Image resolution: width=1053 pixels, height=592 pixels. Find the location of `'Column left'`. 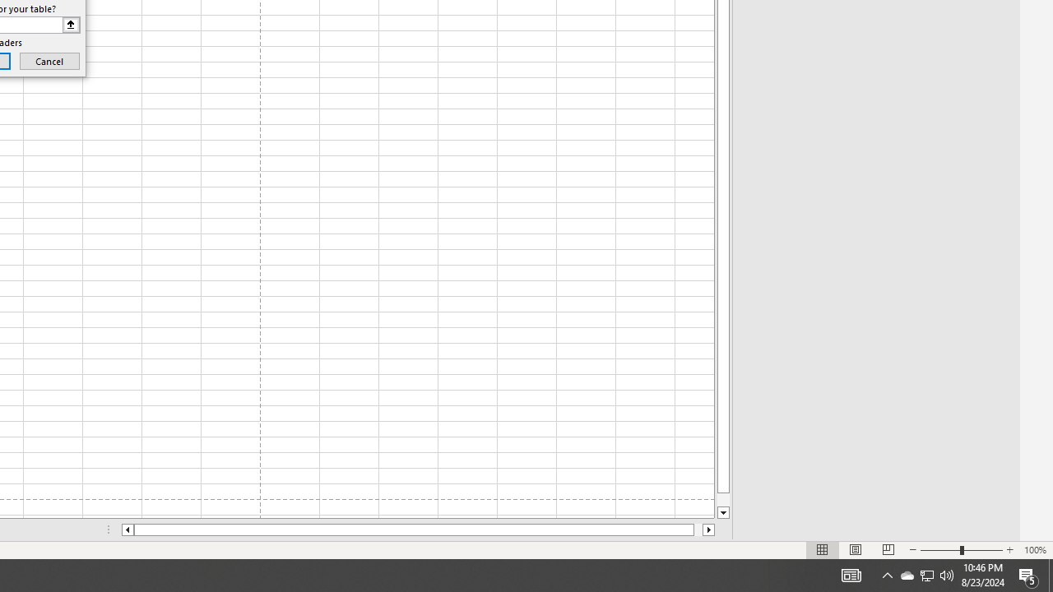

'Column left' is located at coordinates (126, 530).